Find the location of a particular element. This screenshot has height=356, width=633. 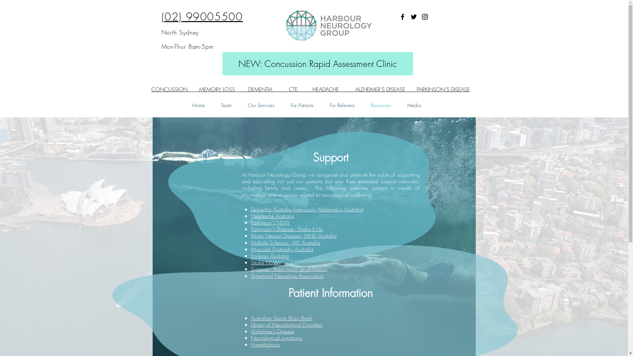

'Resources' is located at coordinates (381, 105).